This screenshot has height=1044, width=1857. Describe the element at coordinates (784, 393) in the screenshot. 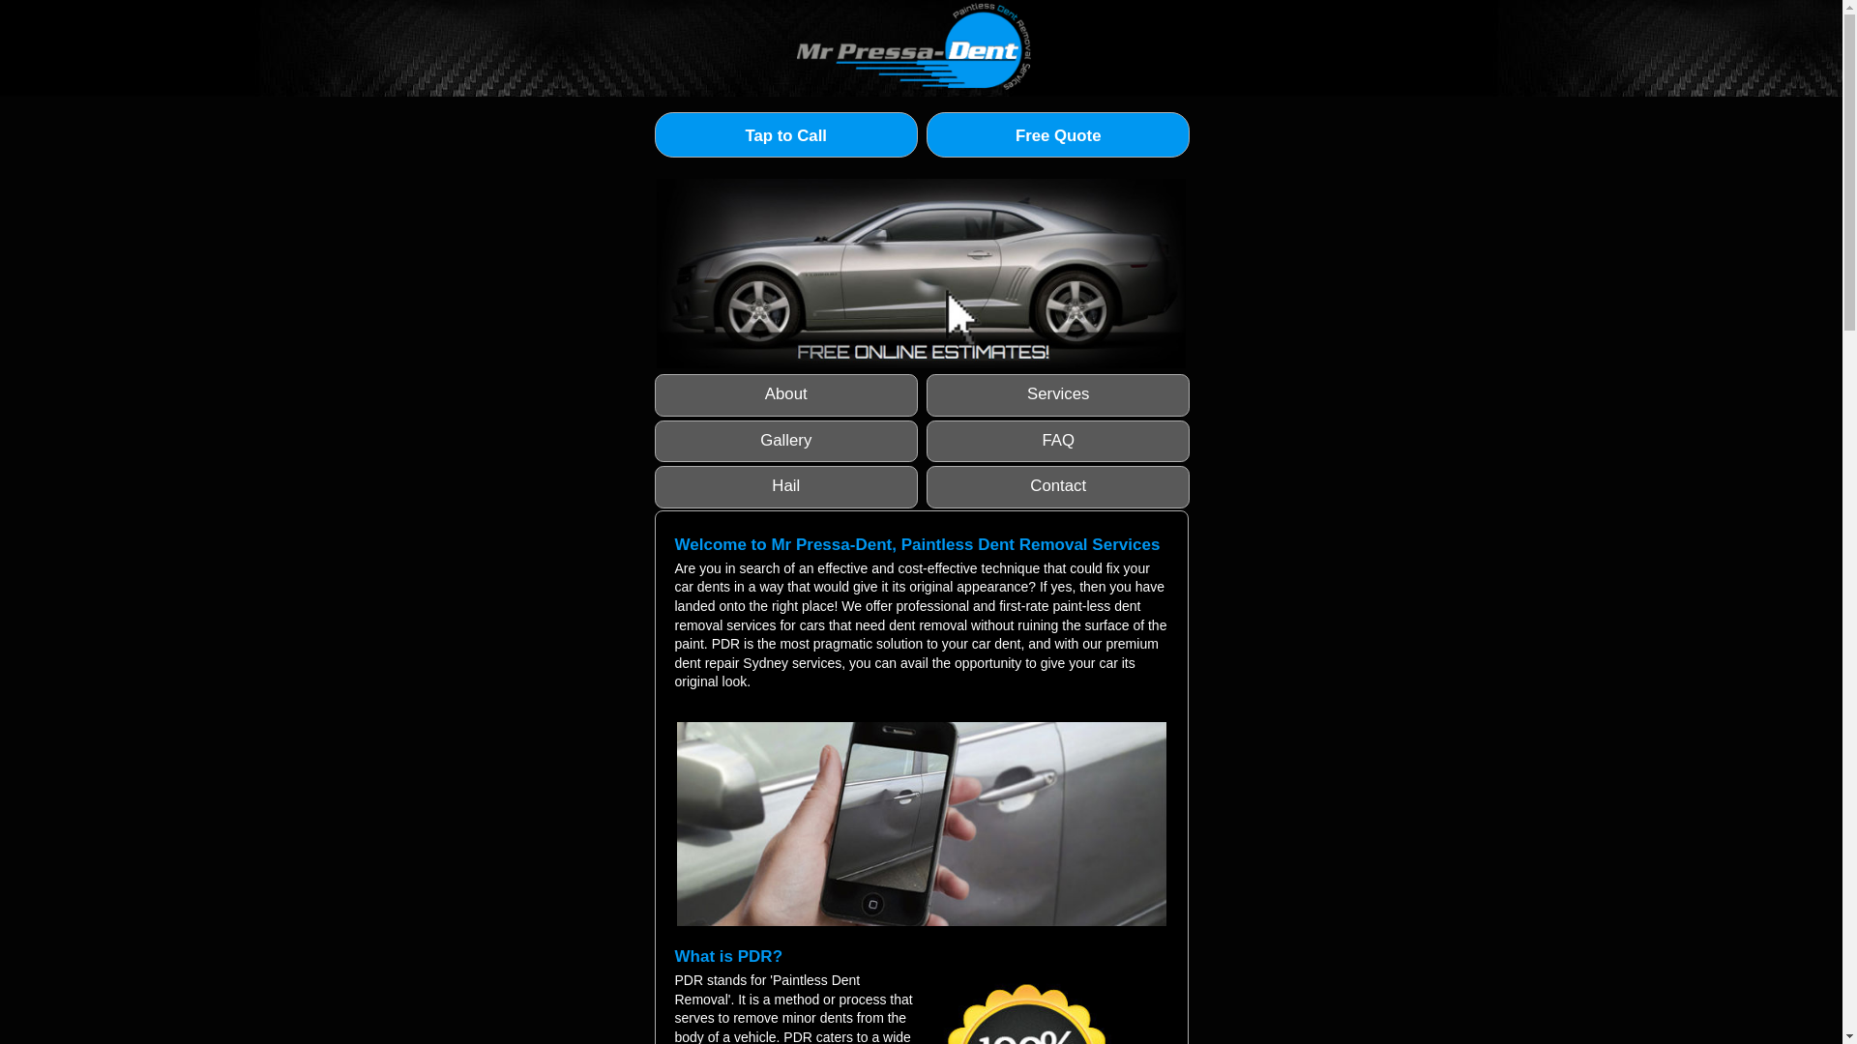

I see `'About'` at that location.